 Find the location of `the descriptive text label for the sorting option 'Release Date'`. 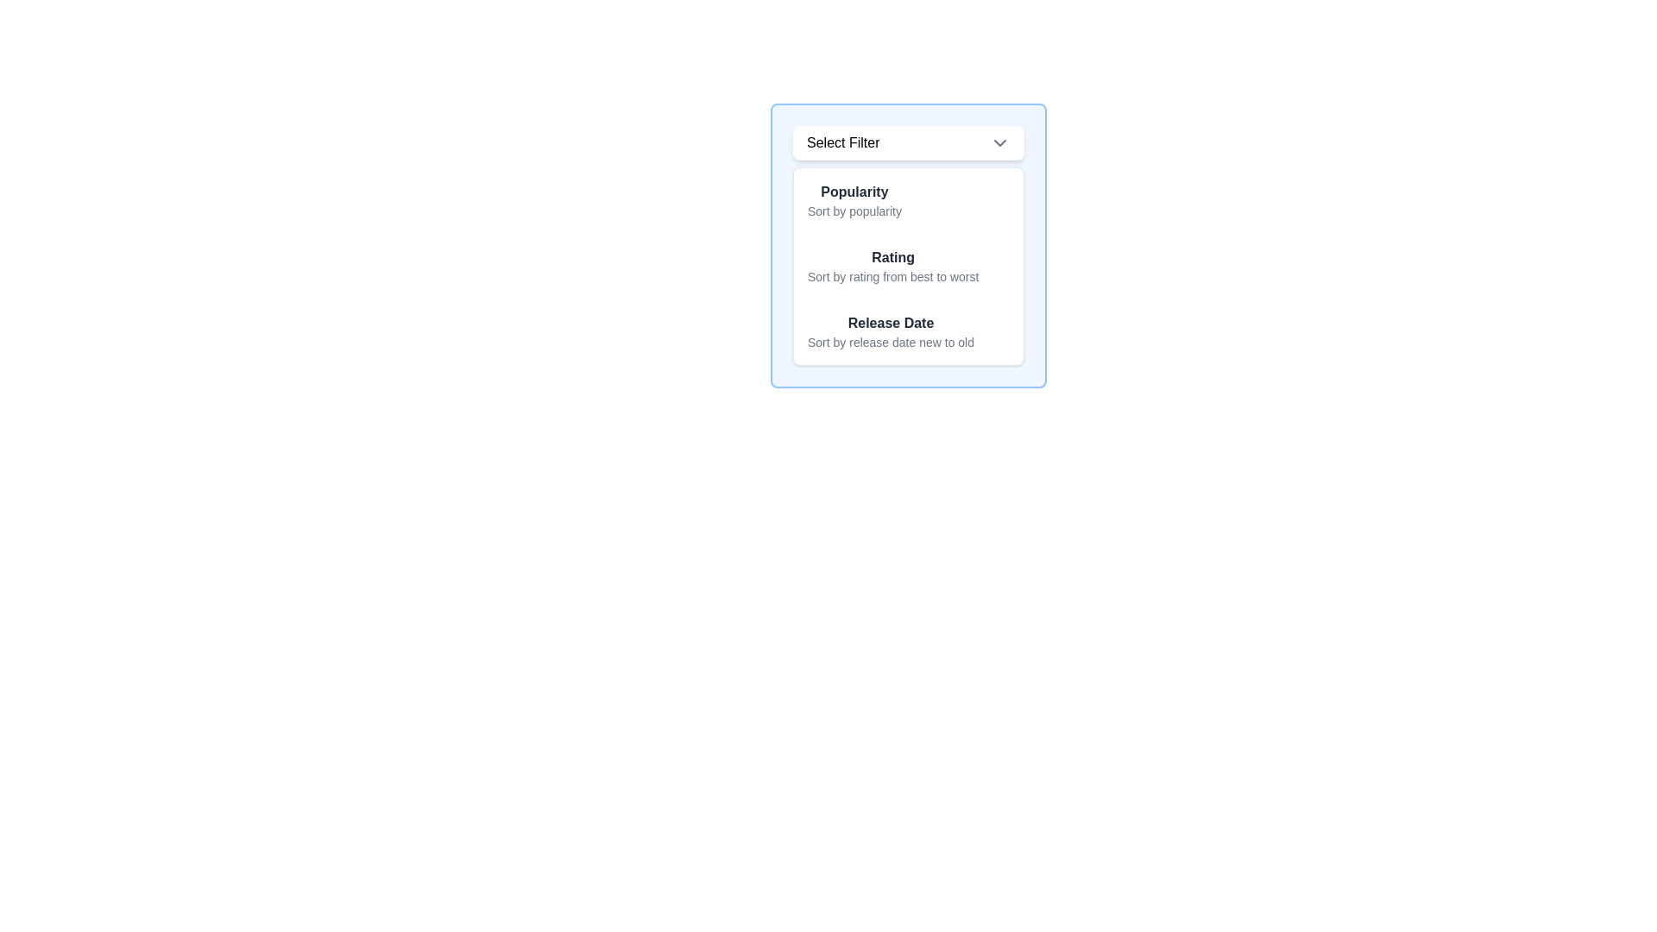

the descriptive text label for the sorting option 'Release Date' is located at coordinates (891, 343).